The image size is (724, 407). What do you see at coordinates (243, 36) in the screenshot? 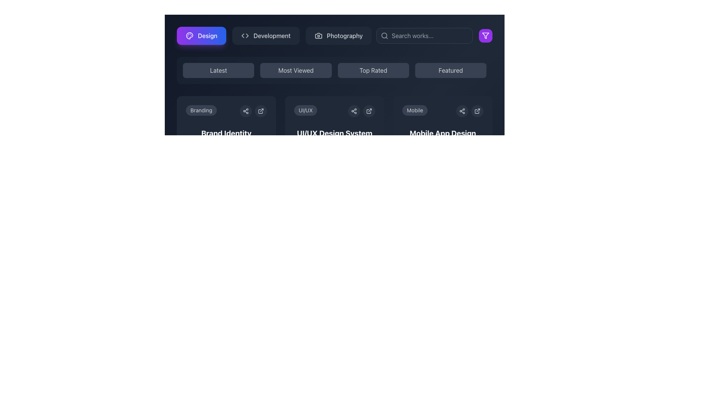
I see `the left-facing chevron icon button, which serves as a visual indicator for navigating backward within the system or menu` at bounding box center [243, 36].